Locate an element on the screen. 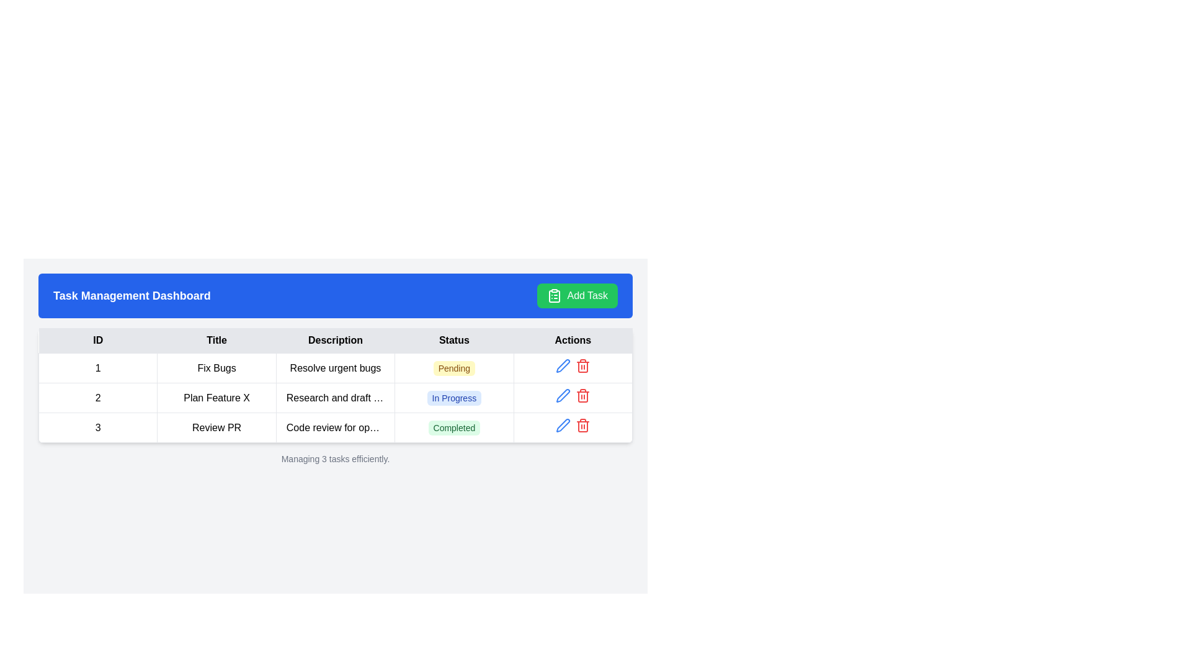 This screenshot has height=670, width=1191. the clipboard icon, which is part of the 'Add Task' button located in the top-right corner of the interface is located at coordinates (554, 296).